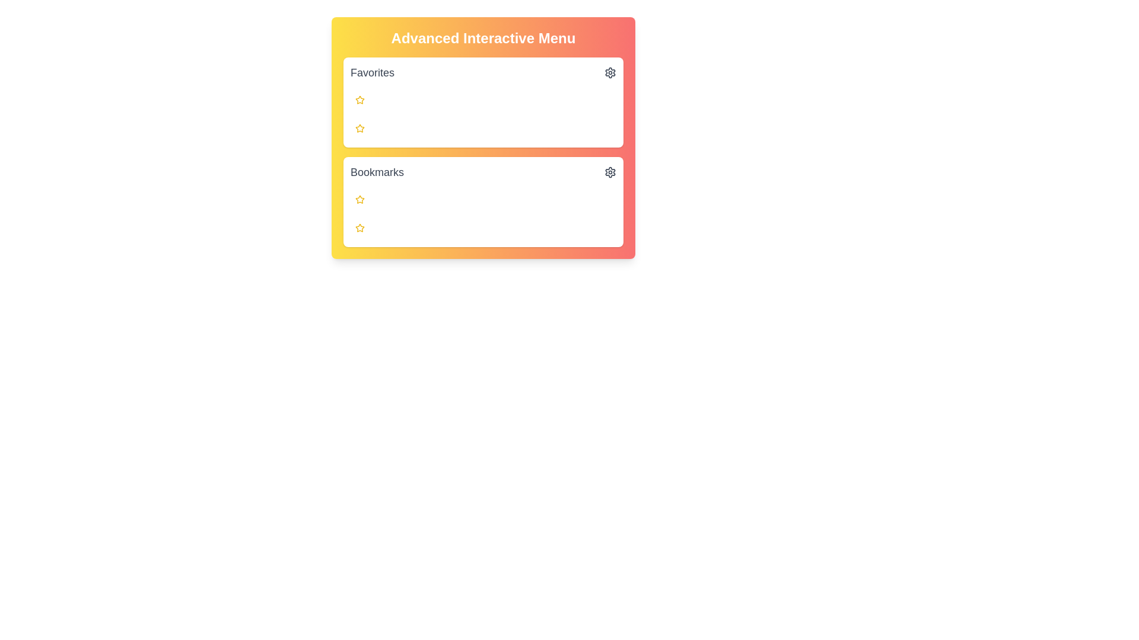 The width and height of the screenshot is (1139, 640). What do you see at coordinates (349, 172) in the screenshot?
I see `the text content of the section titled Bookmarks` at bounding box center [349, 172].